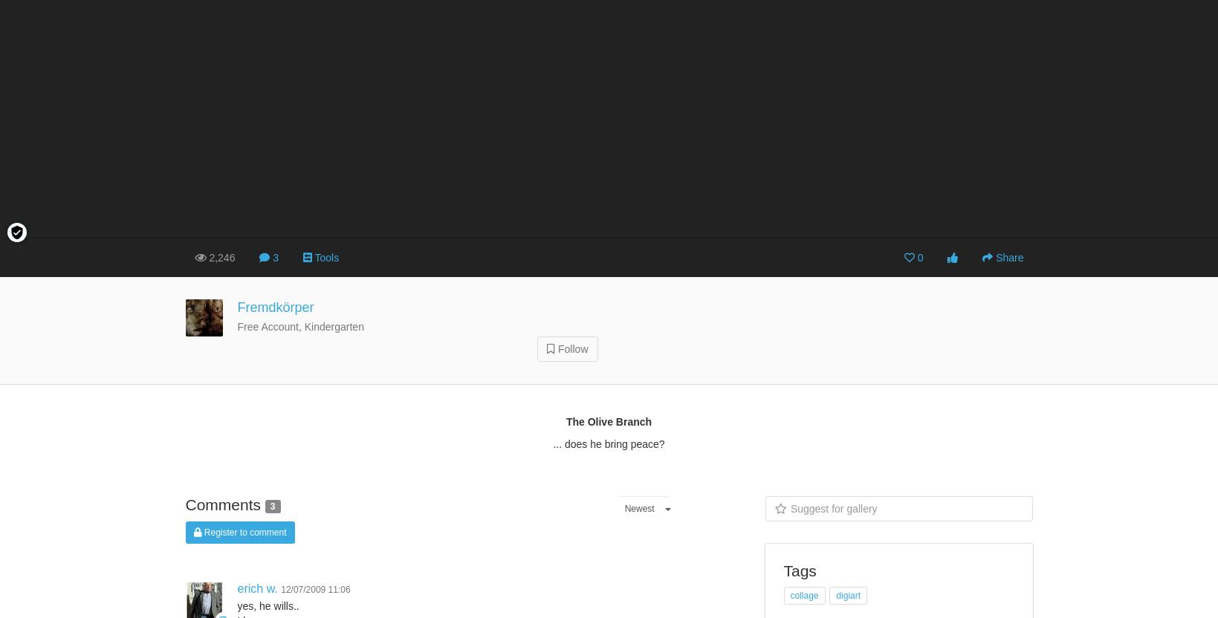 The height and width of the screenshot is (618, 1218). What do you see at coordinates (256, 588) in the screenshot?
I see `'erich w.'` at bounding box center [256, 588].